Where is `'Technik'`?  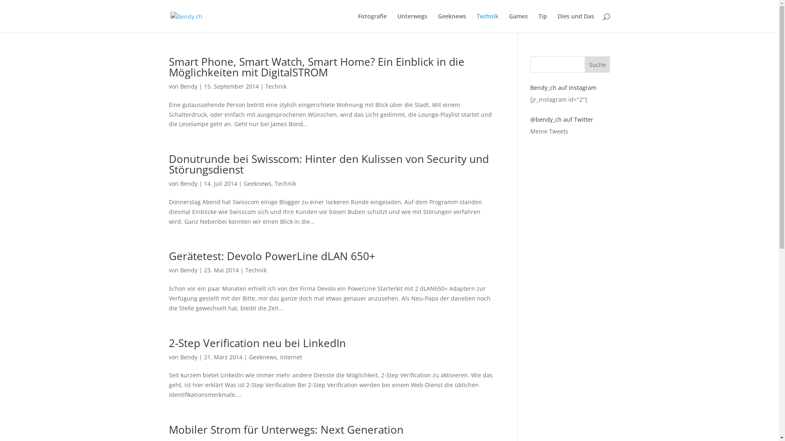 'Technik' is located at coordinates (255, 270).